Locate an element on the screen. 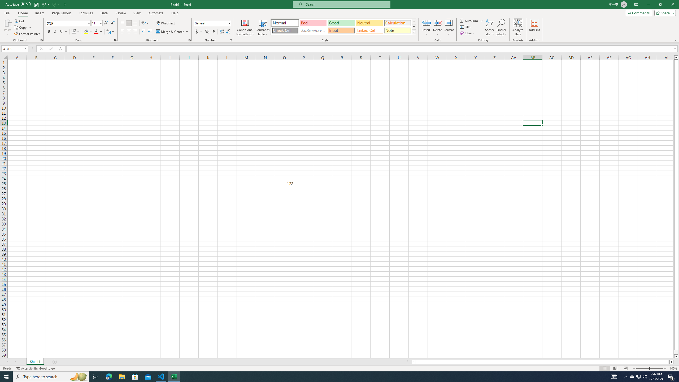  'Paste' is located at coordinates (7, 27).